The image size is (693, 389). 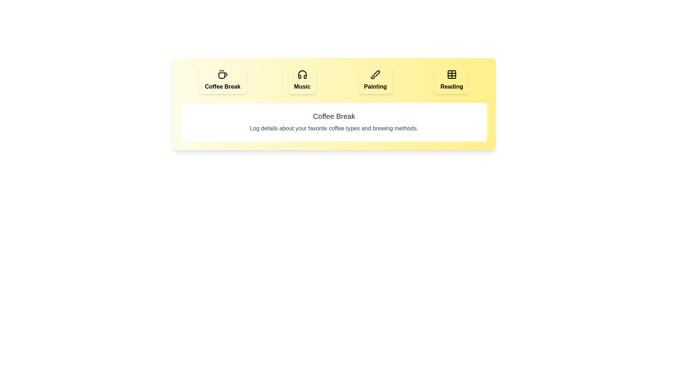 What do you see at coordinates (334, 104) in the screenshot?
I see `the informational content block that provides details about coffee types and brewing methods, located between interactive icons and an empty space below` at bounding box center [334, 104].